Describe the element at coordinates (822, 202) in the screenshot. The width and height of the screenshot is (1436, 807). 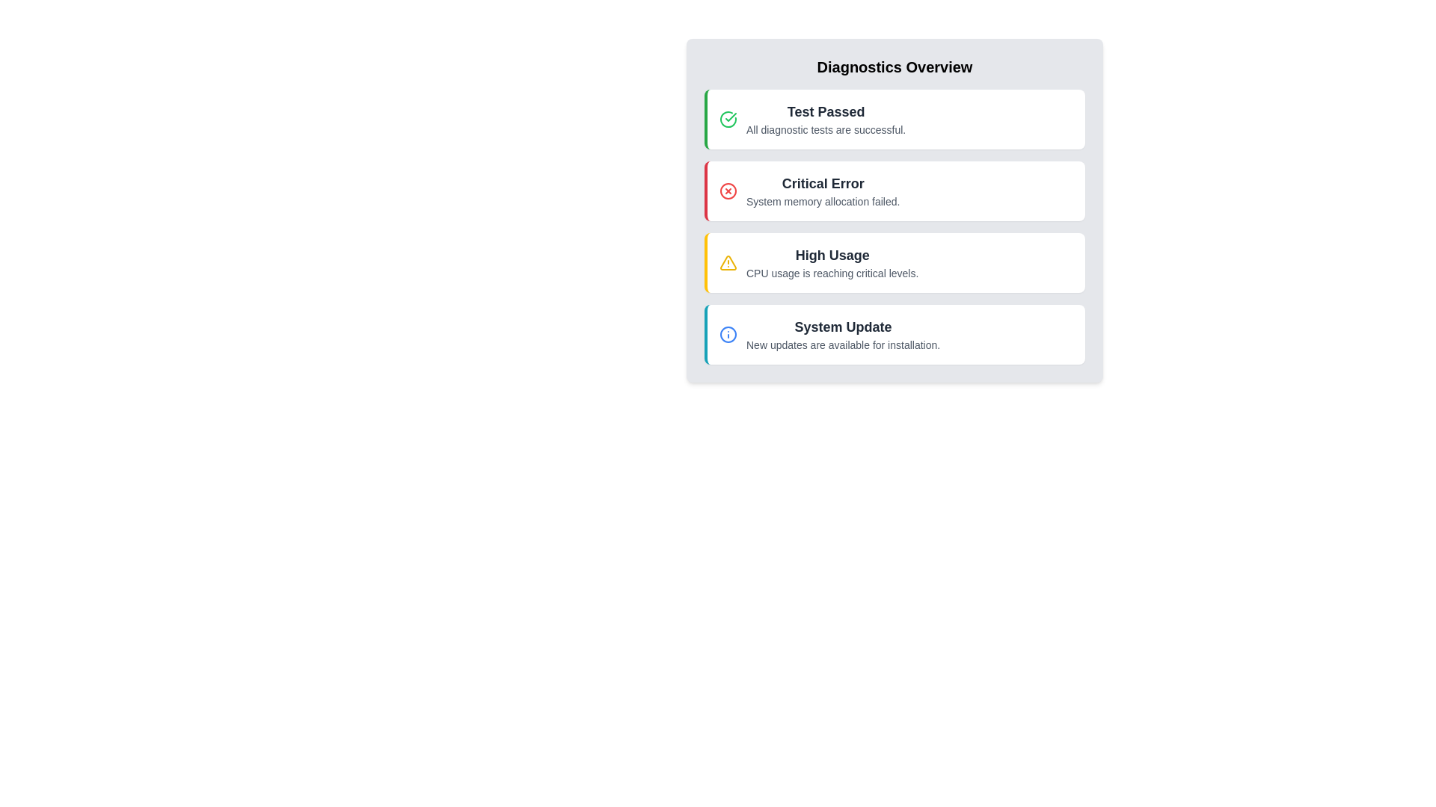
I see `message conveyed by the text located within the 'Critical Error' card, which provides details about the diagnostic error classification` at that location.